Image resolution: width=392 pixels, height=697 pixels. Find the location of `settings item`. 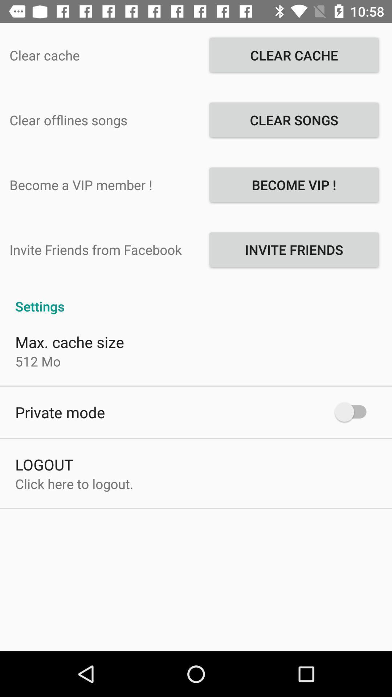

settings item is located at coordinates (196, 298).